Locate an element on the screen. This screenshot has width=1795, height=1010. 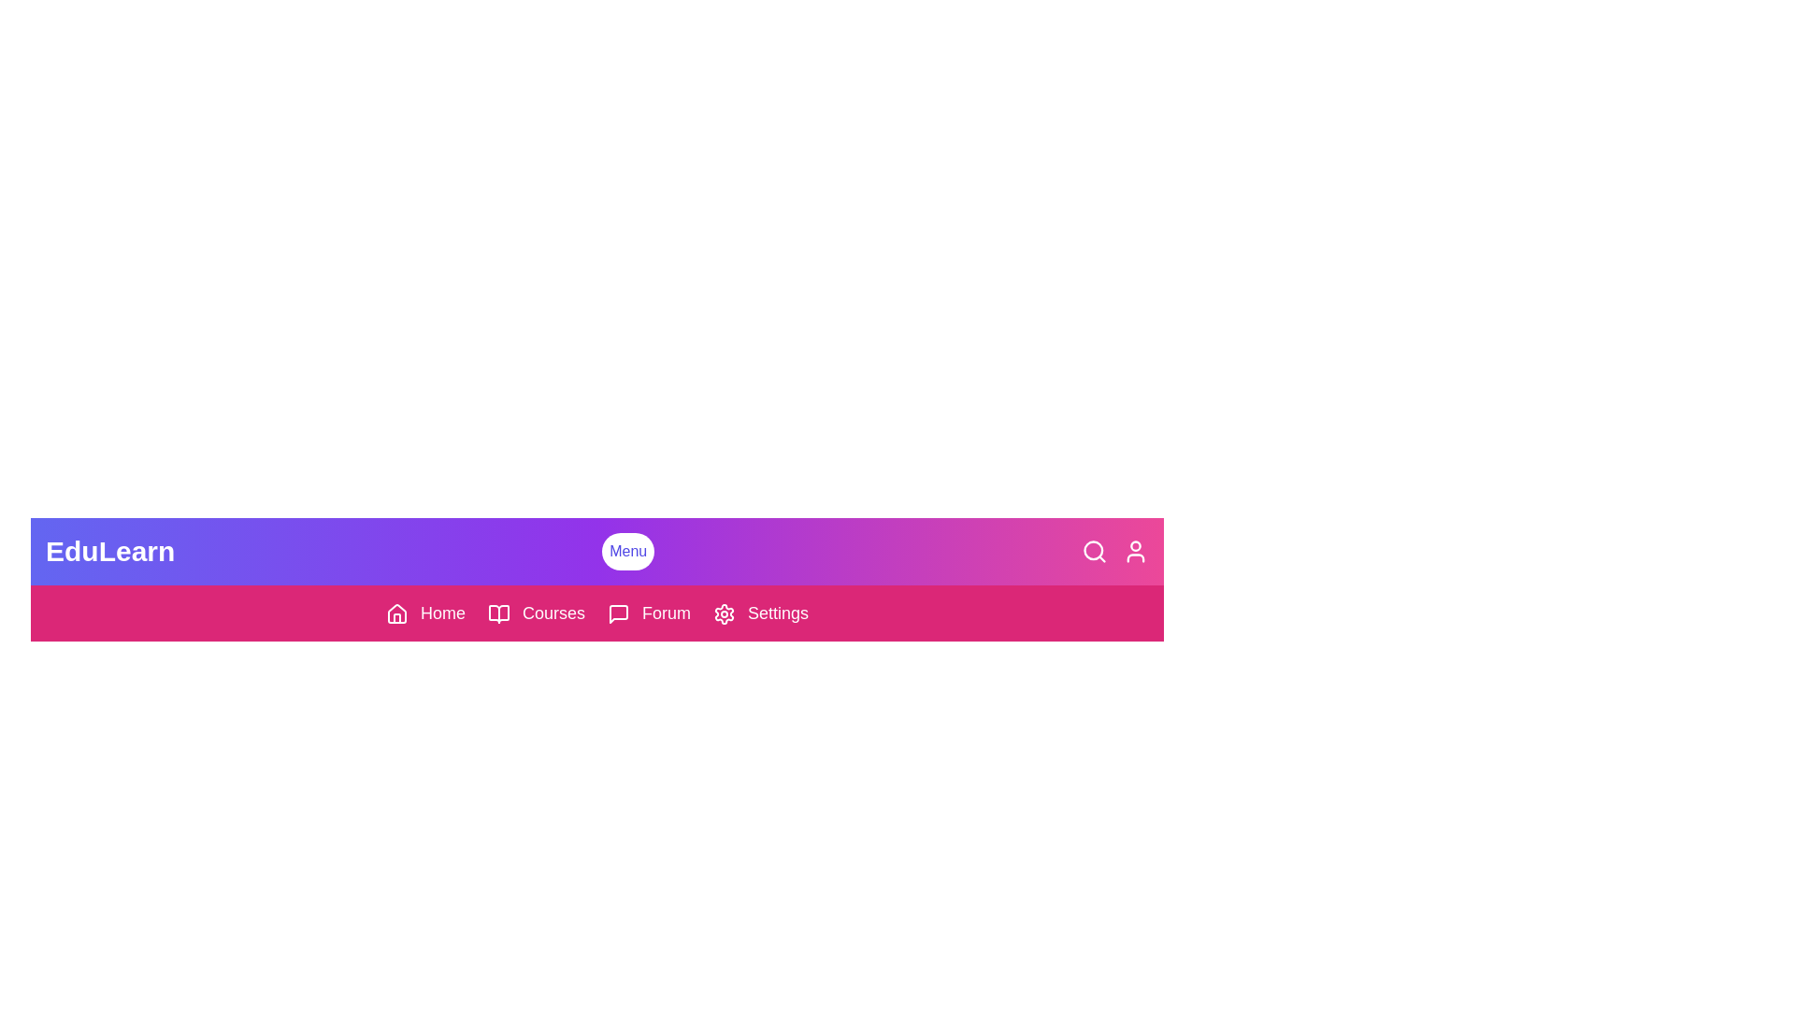
the 'Profile' icon in the app bar is located at coordinates (1134, 551).